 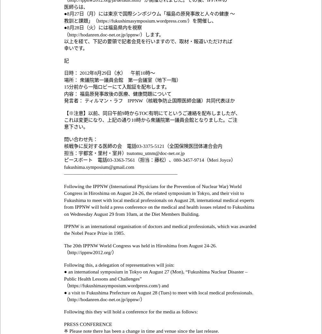 I want to click on 'Following this, a delegation of representatives will join:', so click(x=119, y=264).